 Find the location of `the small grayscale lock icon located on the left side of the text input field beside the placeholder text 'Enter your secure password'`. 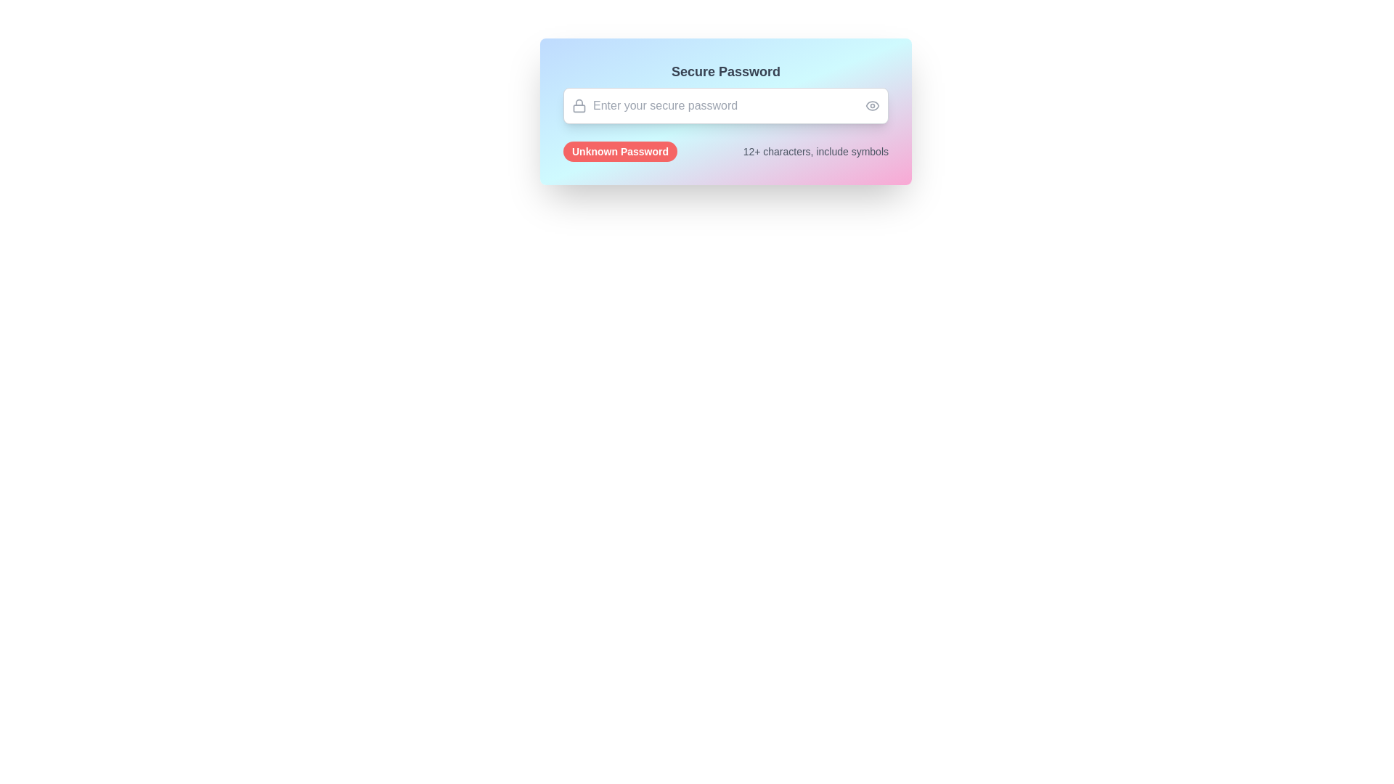

the small grayscale lock icon located on the left side of the text input field beside the placeholder text 'Enter your secure password' is located at coordinates (578, 105).